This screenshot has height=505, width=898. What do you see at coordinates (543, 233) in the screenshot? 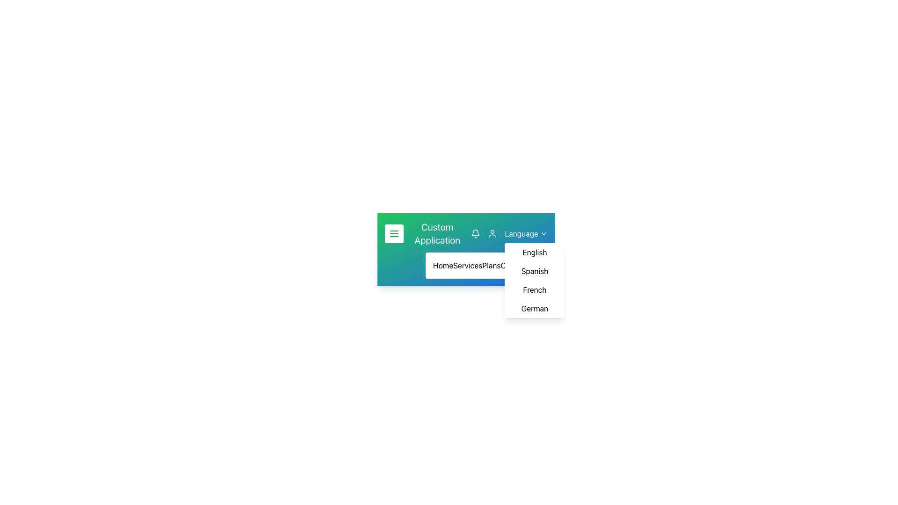
I see `the Dropdown Menu Trigger Icon, which is a downward pointing chevron located next to the 'Language' text in the top navigation bar` at bounding box center [543, 233].